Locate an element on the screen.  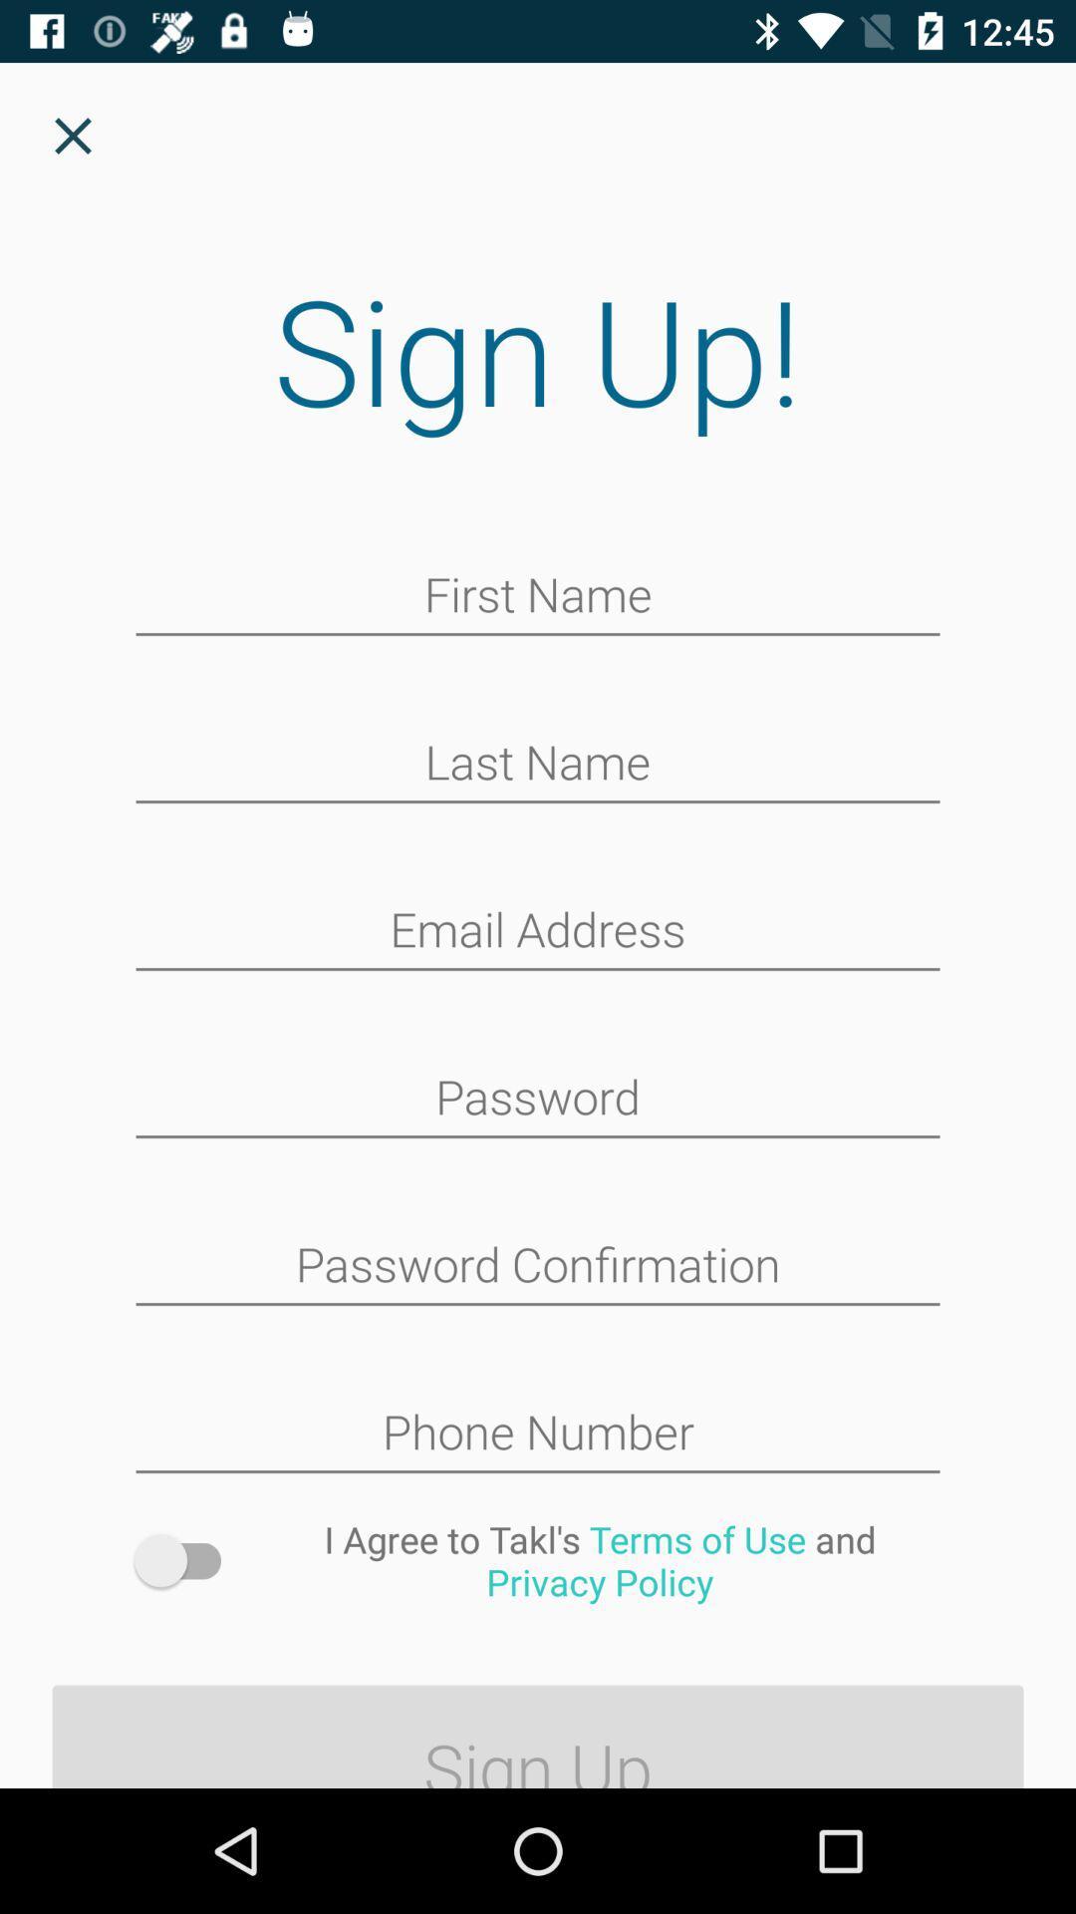
last name is located at coordinates (538, 764).